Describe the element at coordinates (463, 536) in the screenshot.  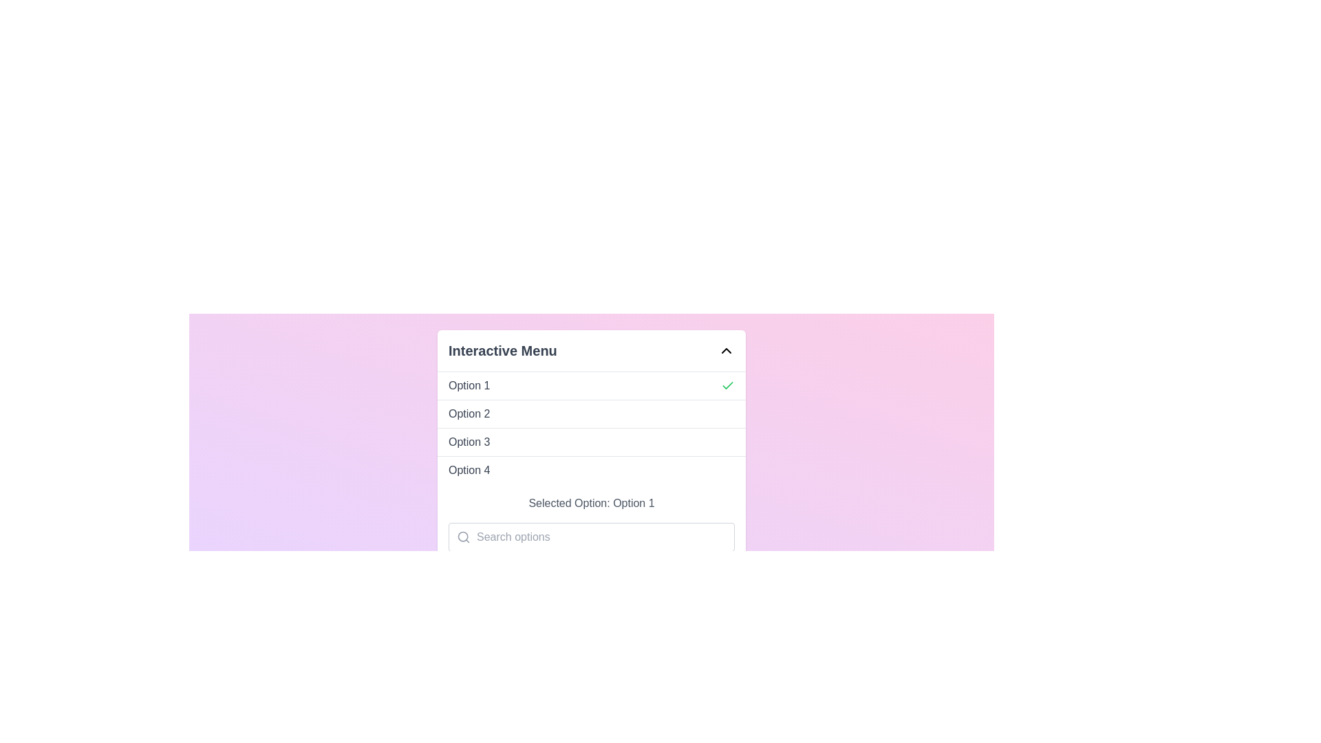
I see `the circular graphical icon that is part of the magnifying glass icon, located in the top-left quadrant of the search bar` at that location.